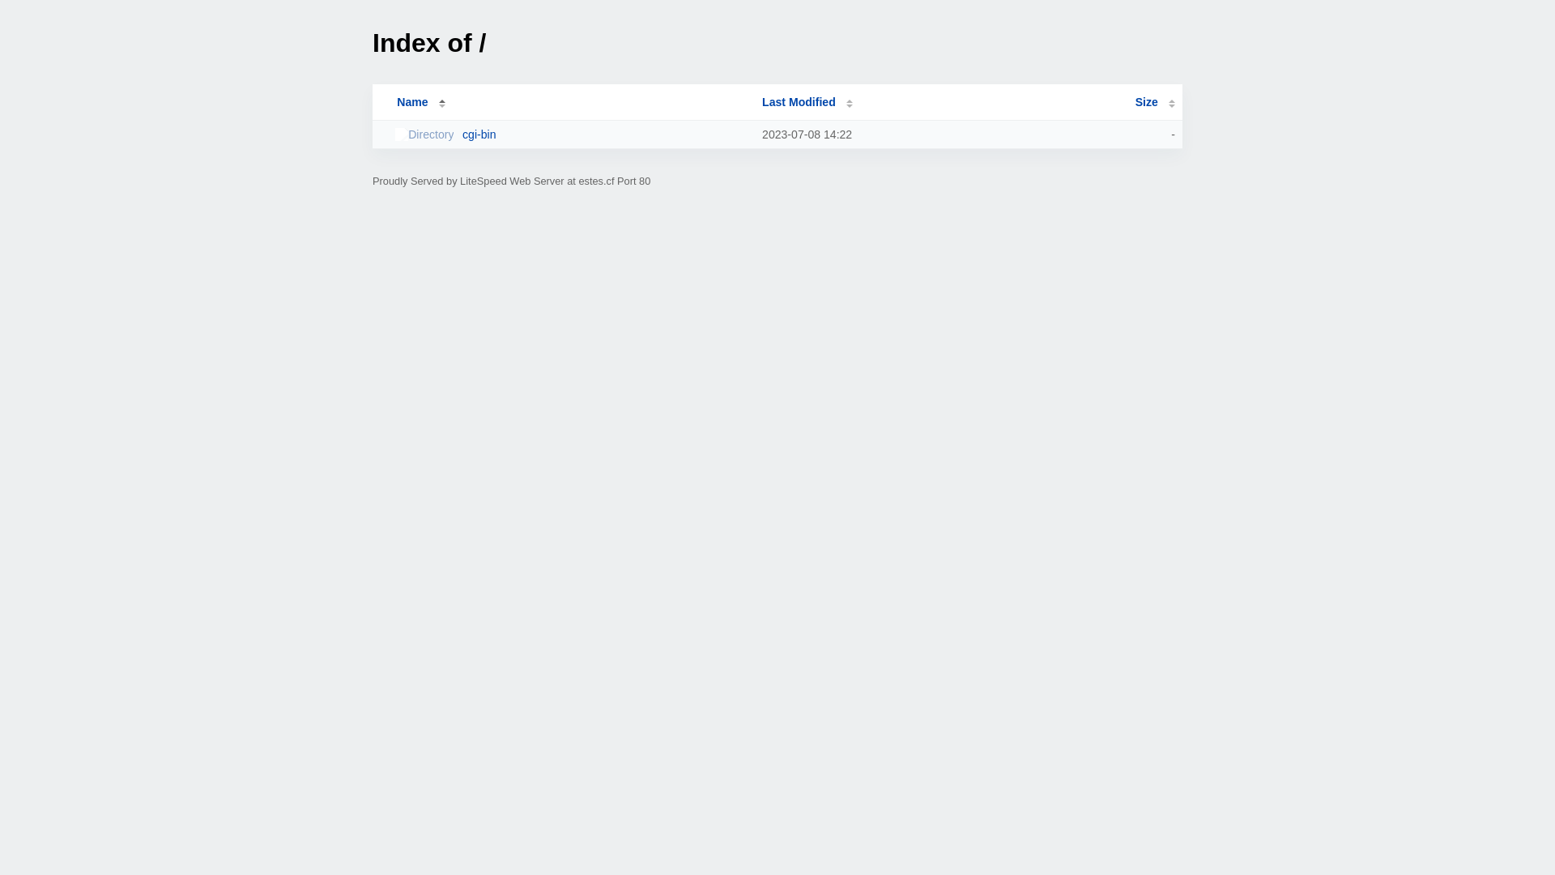  Describe the element at coordinates (411, 102) in the screenshot. I see `'Name'` at that location.